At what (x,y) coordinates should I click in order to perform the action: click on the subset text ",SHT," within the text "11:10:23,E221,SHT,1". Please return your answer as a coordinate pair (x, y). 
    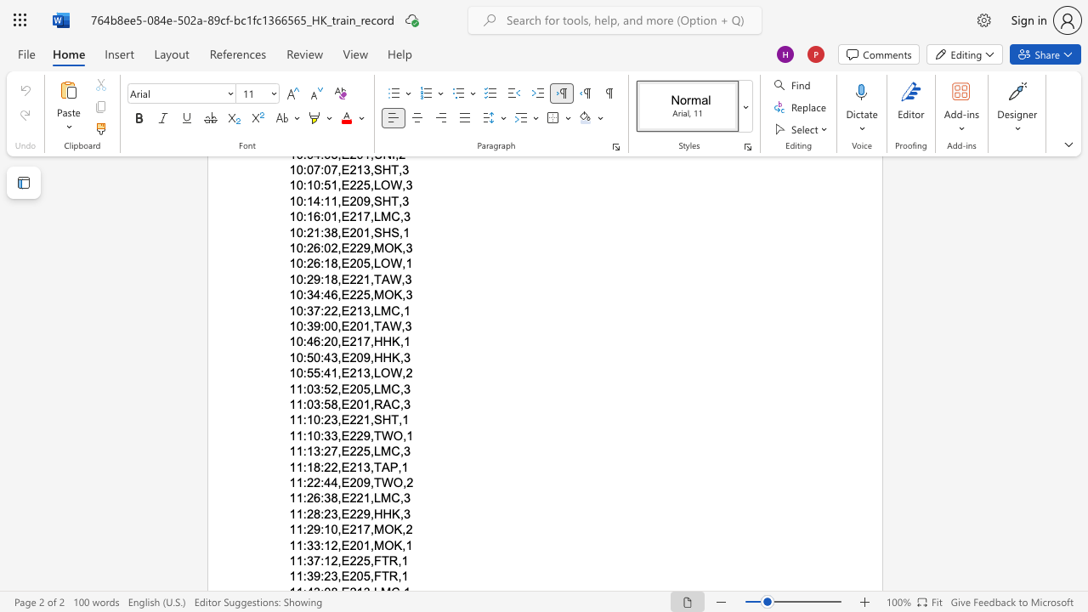
    Looking at the image, I should click on (369, 420).